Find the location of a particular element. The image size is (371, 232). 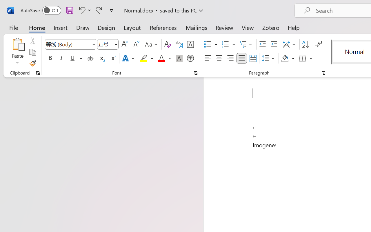

'Bold' is located at coordinates (50, 58).